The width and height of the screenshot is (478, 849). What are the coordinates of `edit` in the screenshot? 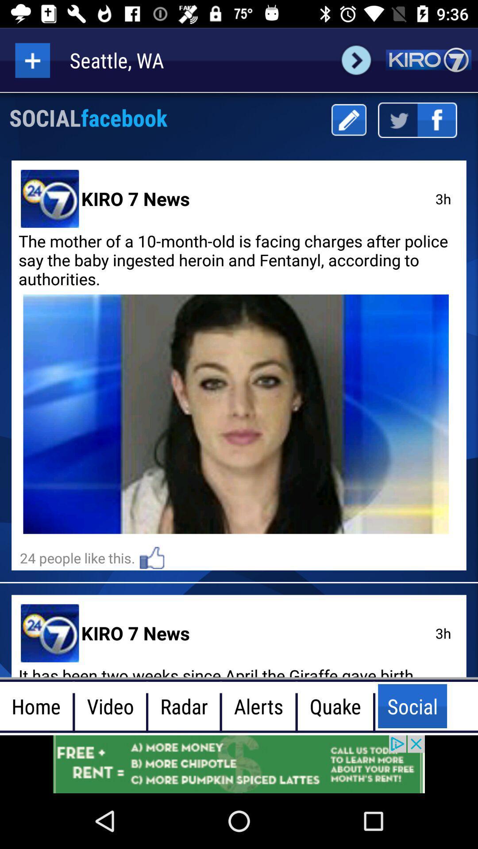 It's located at (348, 119).